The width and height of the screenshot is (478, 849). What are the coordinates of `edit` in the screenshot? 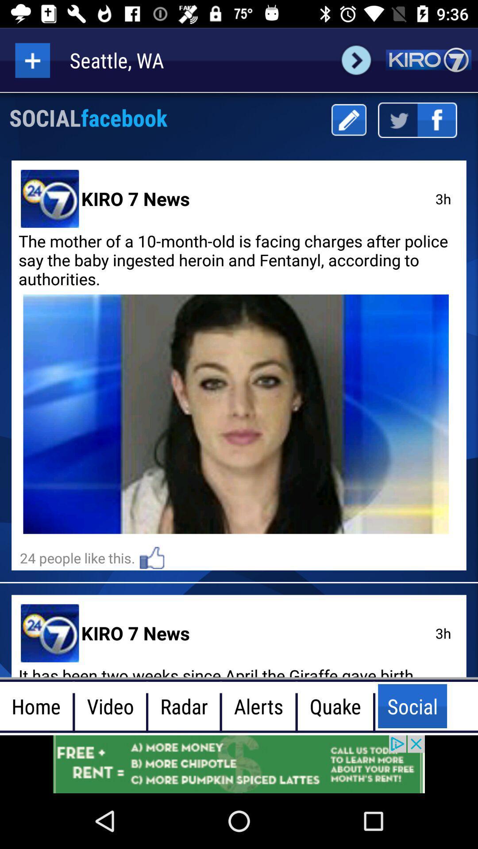 It's located at (348, 119).